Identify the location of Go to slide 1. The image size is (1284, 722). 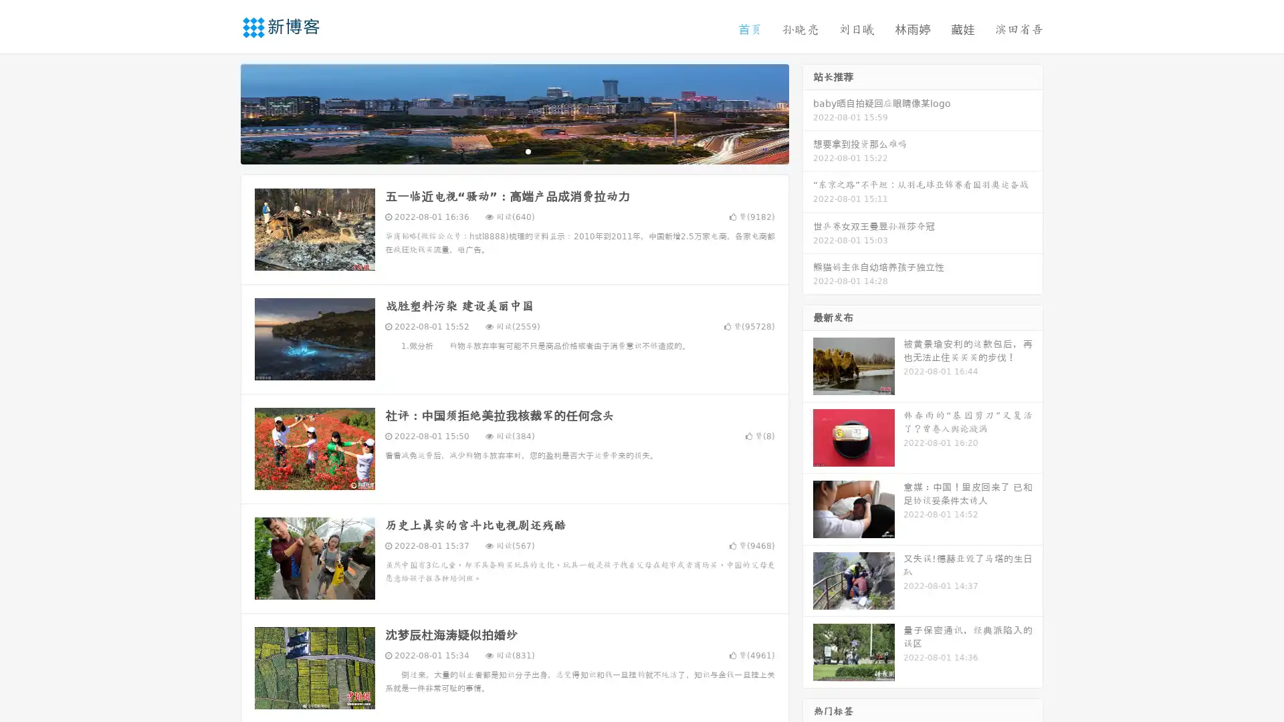
(500, 150).